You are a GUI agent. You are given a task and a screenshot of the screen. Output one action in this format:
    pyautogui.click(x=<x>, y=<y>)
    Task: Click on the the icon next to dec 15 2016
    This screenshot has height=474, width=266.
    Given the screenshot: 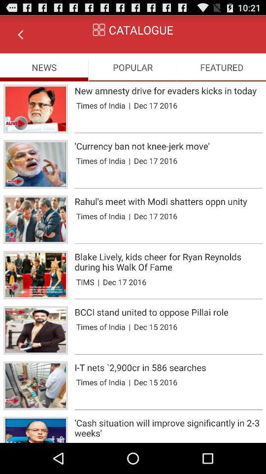 What is the action you would take?
    pyautogui.click(x=130, y=382)
    